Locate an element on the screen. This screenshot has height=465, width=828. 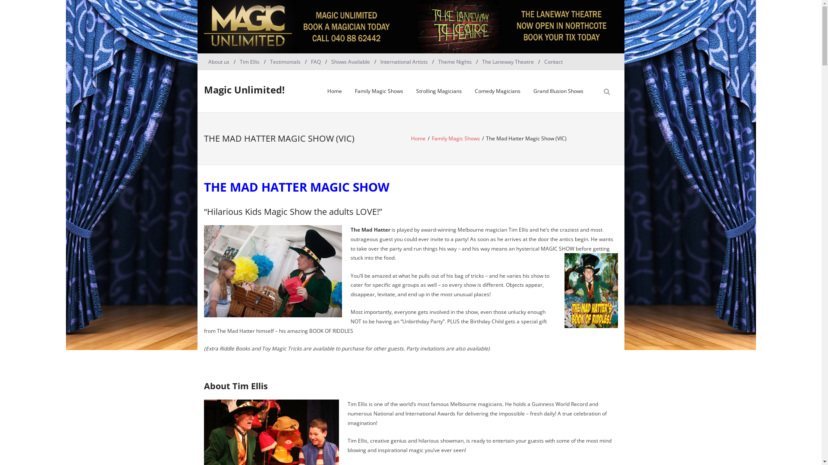
'Magic Unlimited!' is located at coordinates (243, 90).